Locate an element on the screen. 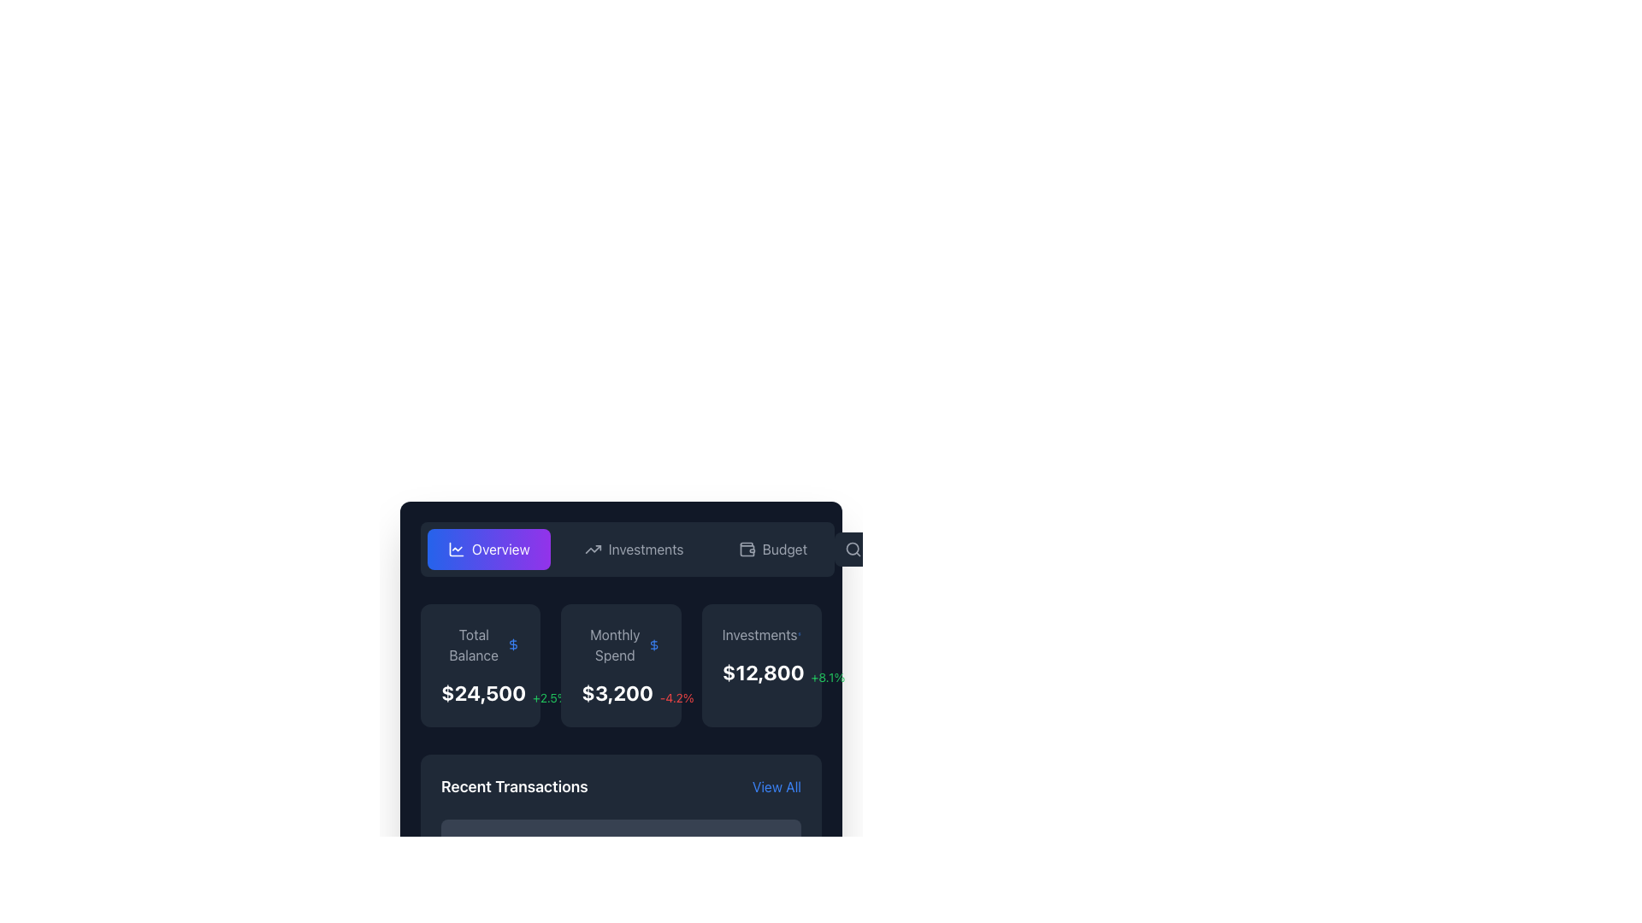 This screenshot has height=923, width=1642. the small text label displaying '+8.1%' in green font color, located on the right side of the 'Investments' card is located at coordinates (828, 677).